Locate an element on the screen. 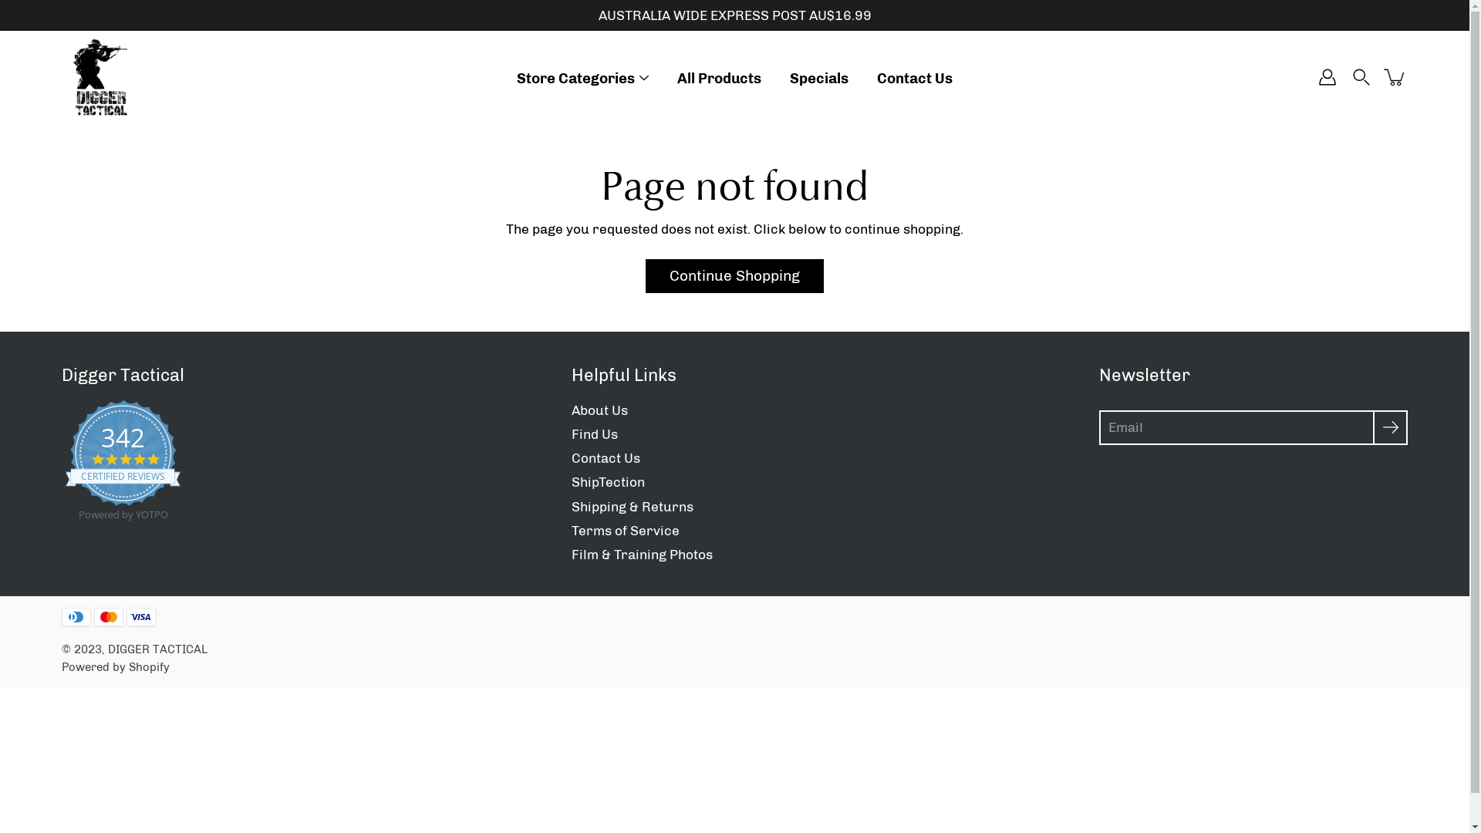 Image resolution: width=1481 pixels, height=833 pixels. 'Terms of Service' is located at coordinates (625, 529).